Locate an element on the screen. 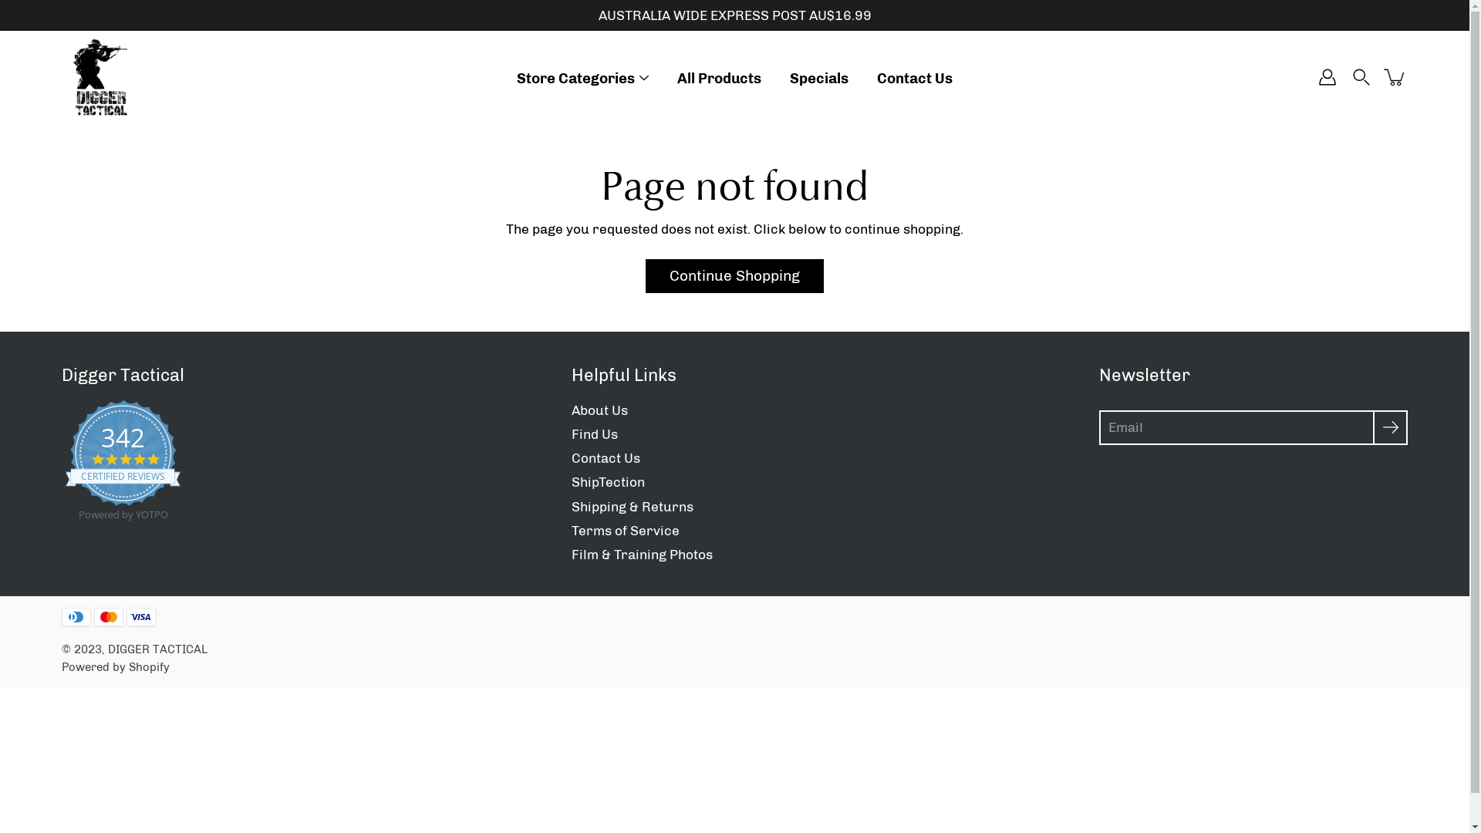 Image resolution: width=1481 pixels, height=833 pixels. 'Terms of Service' is located at coordinates (625, 529).